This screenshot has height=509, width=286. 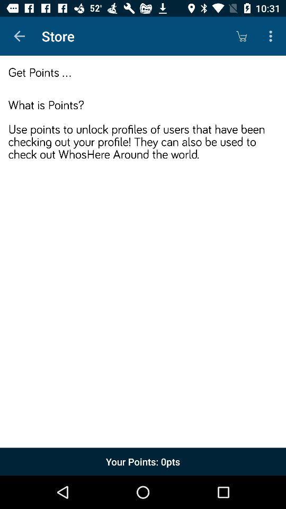 I want to click on the app next to the store item, so click(x=19, y=36).